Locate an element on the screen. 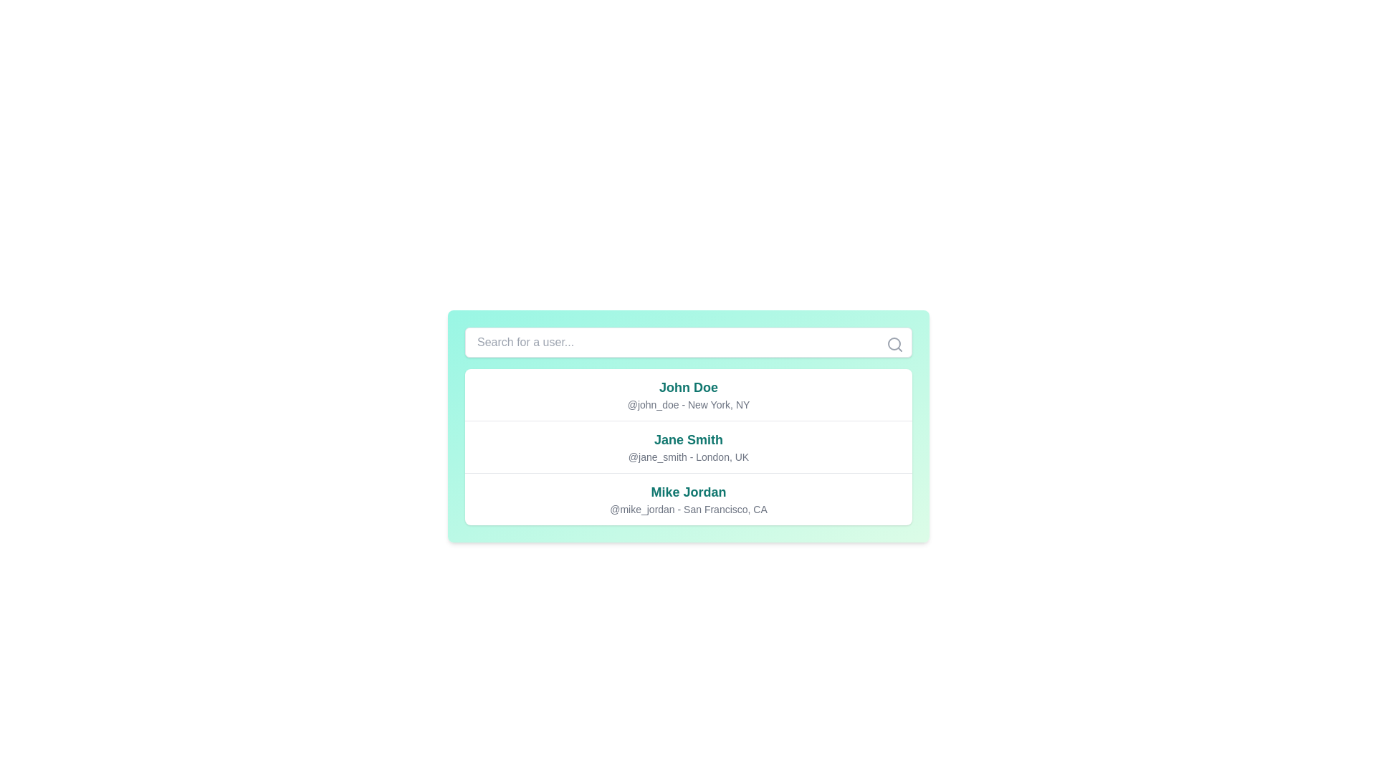 The height and width of the screenshot is (774, 1376). the circular outline of the search icon located at the top-right corner of the search input field is located at coordinates (894, 343).